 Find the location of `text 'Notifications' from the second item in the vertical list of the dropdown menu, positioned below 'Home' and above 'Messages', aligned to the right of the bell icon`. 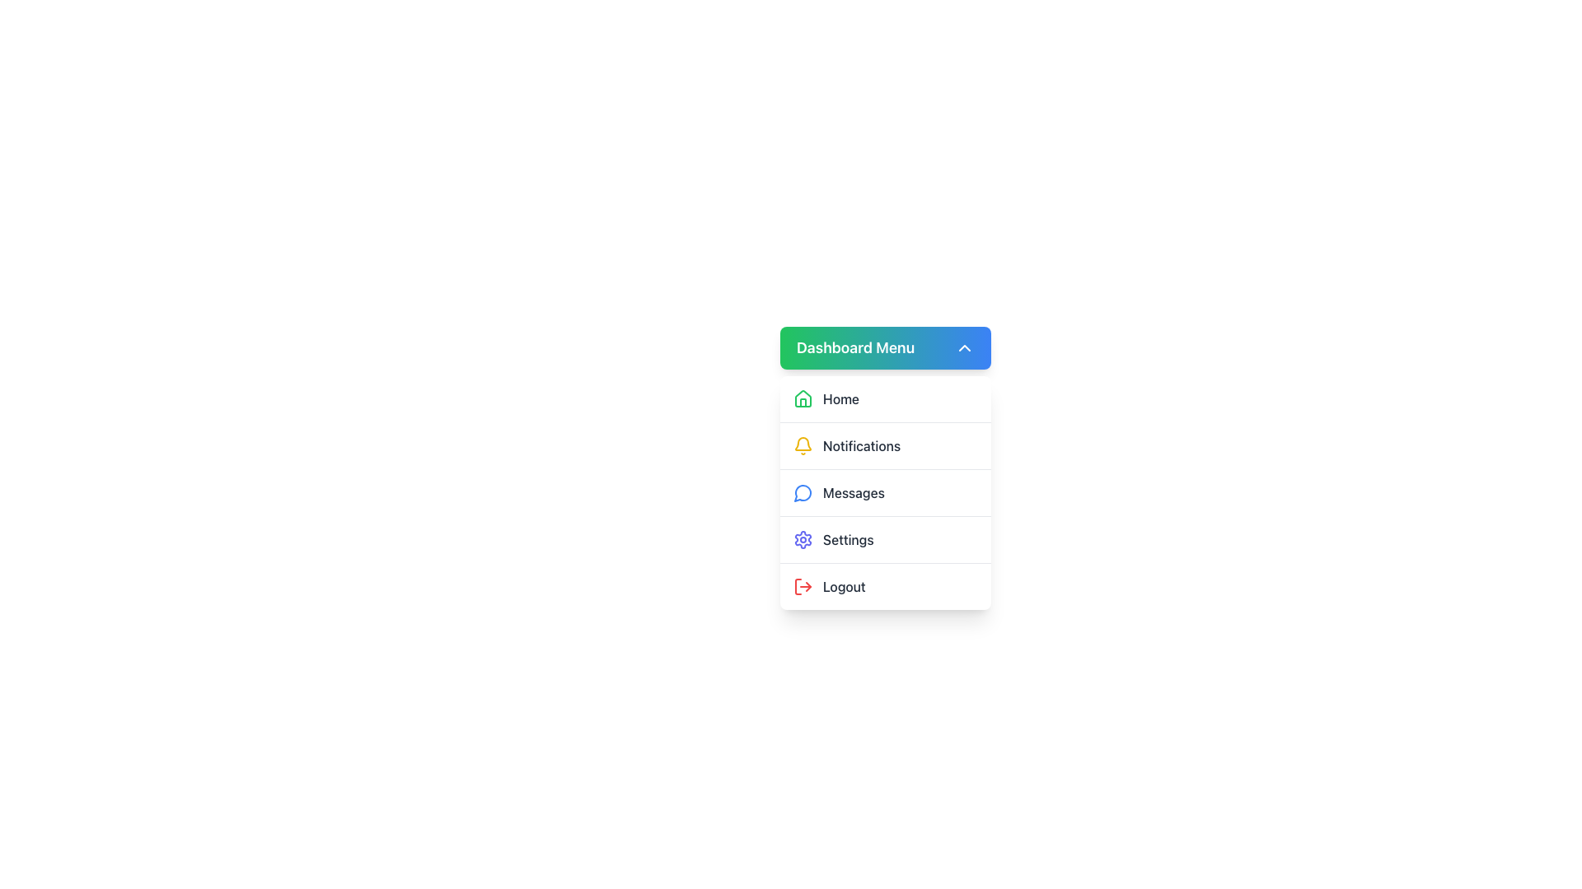

text 'Notifications' from the second item in the vertical list of the dropdown menu, positioned below 'Home' and above 'Messages', aligned to the right of the bell icon is located at coordinates (861, 446).